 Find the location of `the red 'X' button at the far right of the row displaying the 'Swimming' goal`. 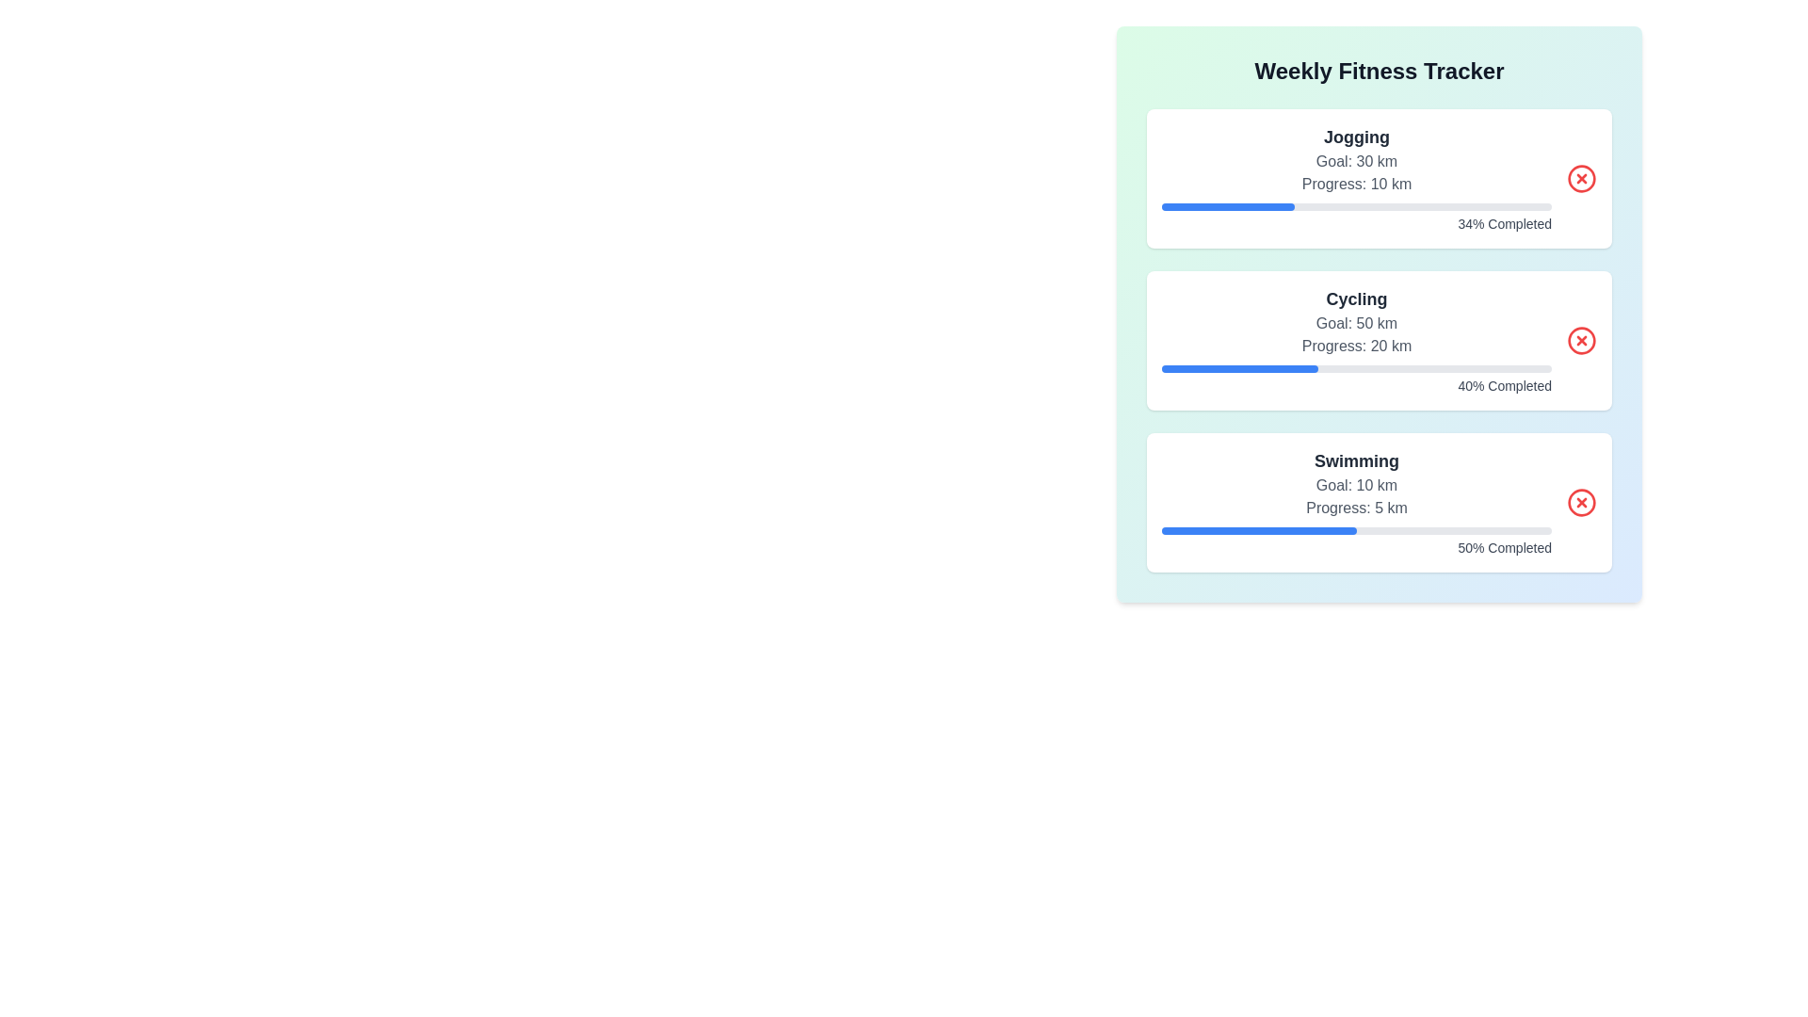

the red 'X' button at the far right of the row displaying the 'Swimming' goal is located at coordinates (1582, 501).